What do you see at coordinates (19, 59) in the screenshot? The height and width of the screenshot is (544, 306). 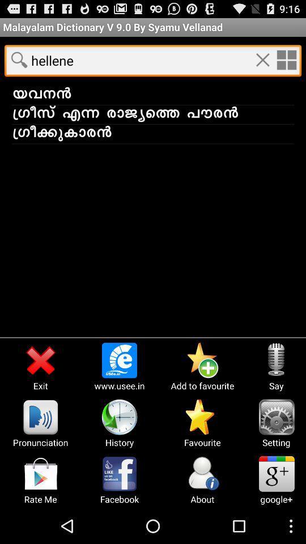 I see `search for word` at bounding box center [19, 59].